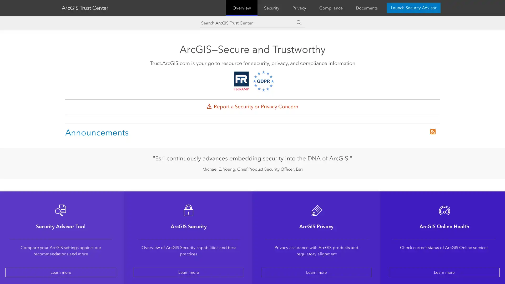 This screenshot has width=505, height=284. I want to click on Support & Services, so click(169, 7).